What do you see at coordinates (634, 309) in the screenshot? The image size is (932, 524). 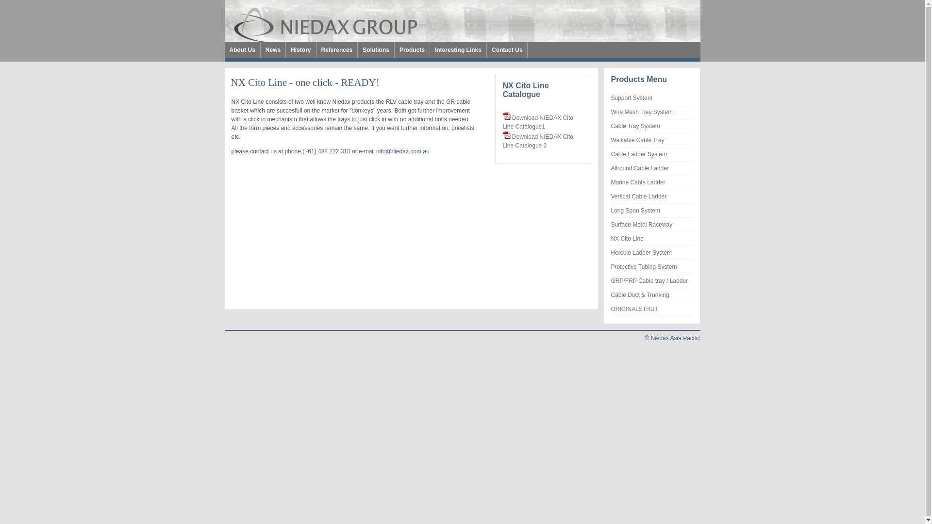 I see `'ORIGINALSTRUT'` at bounding box center [634, 309].